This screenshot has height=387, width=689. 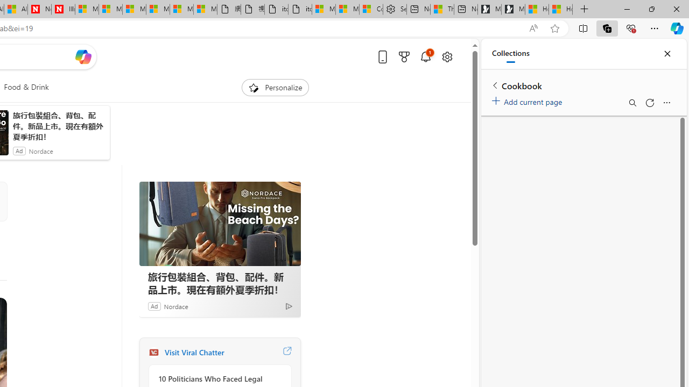 What do you see at coordinates (495, 85) in the screenshot?
I see `'Back to list of collections'` at bounding box center [495, 85].